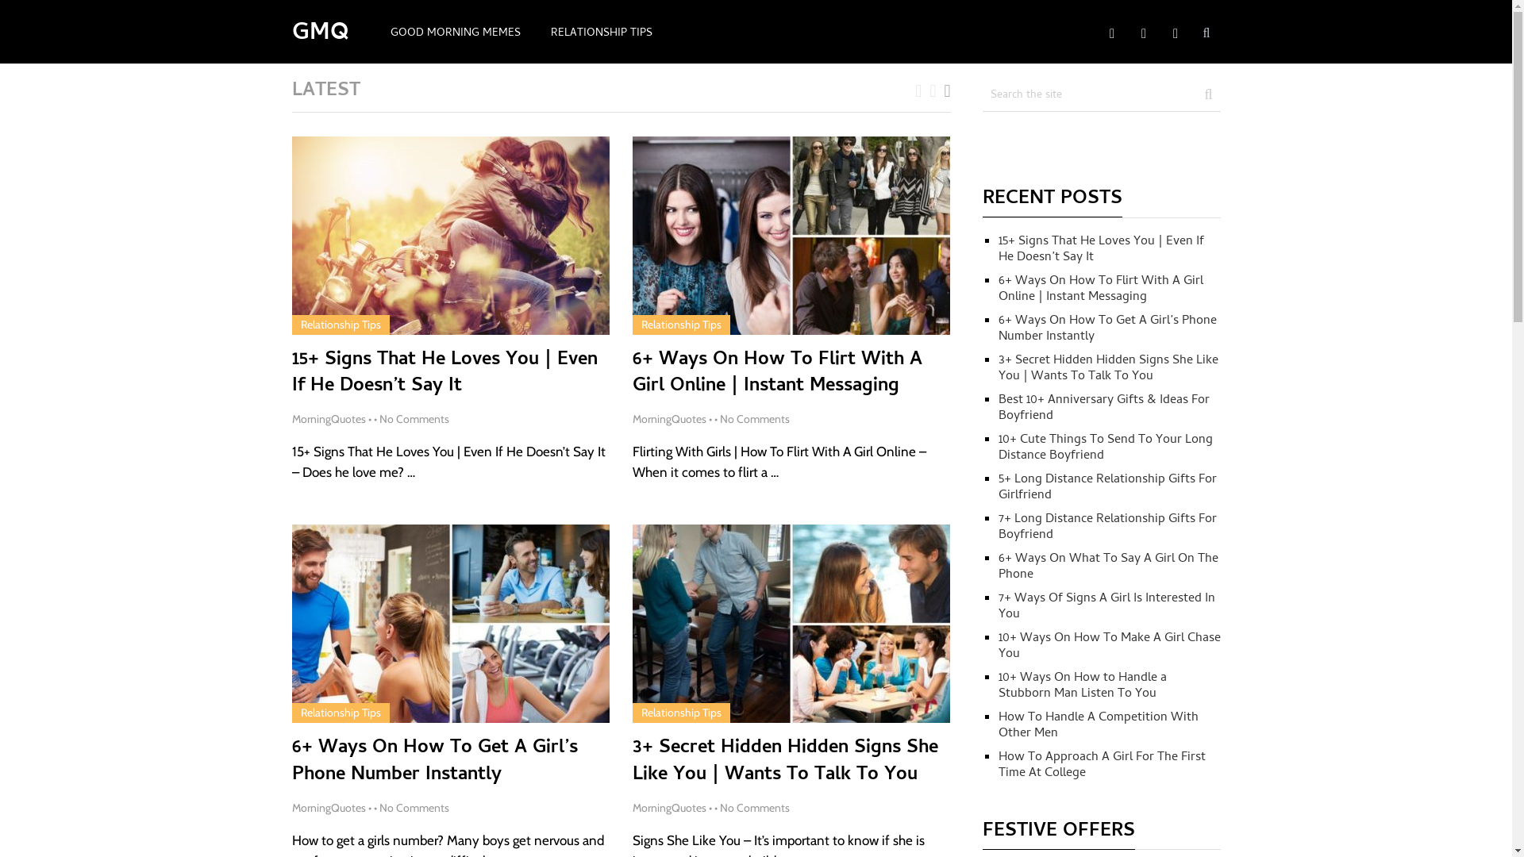  What do you see at coordinates (1106, 527) in the screenshot?
I see `'7+ Long Distance Relationship Gifts For Boyfriend'` at bounding box center [1106, 527].